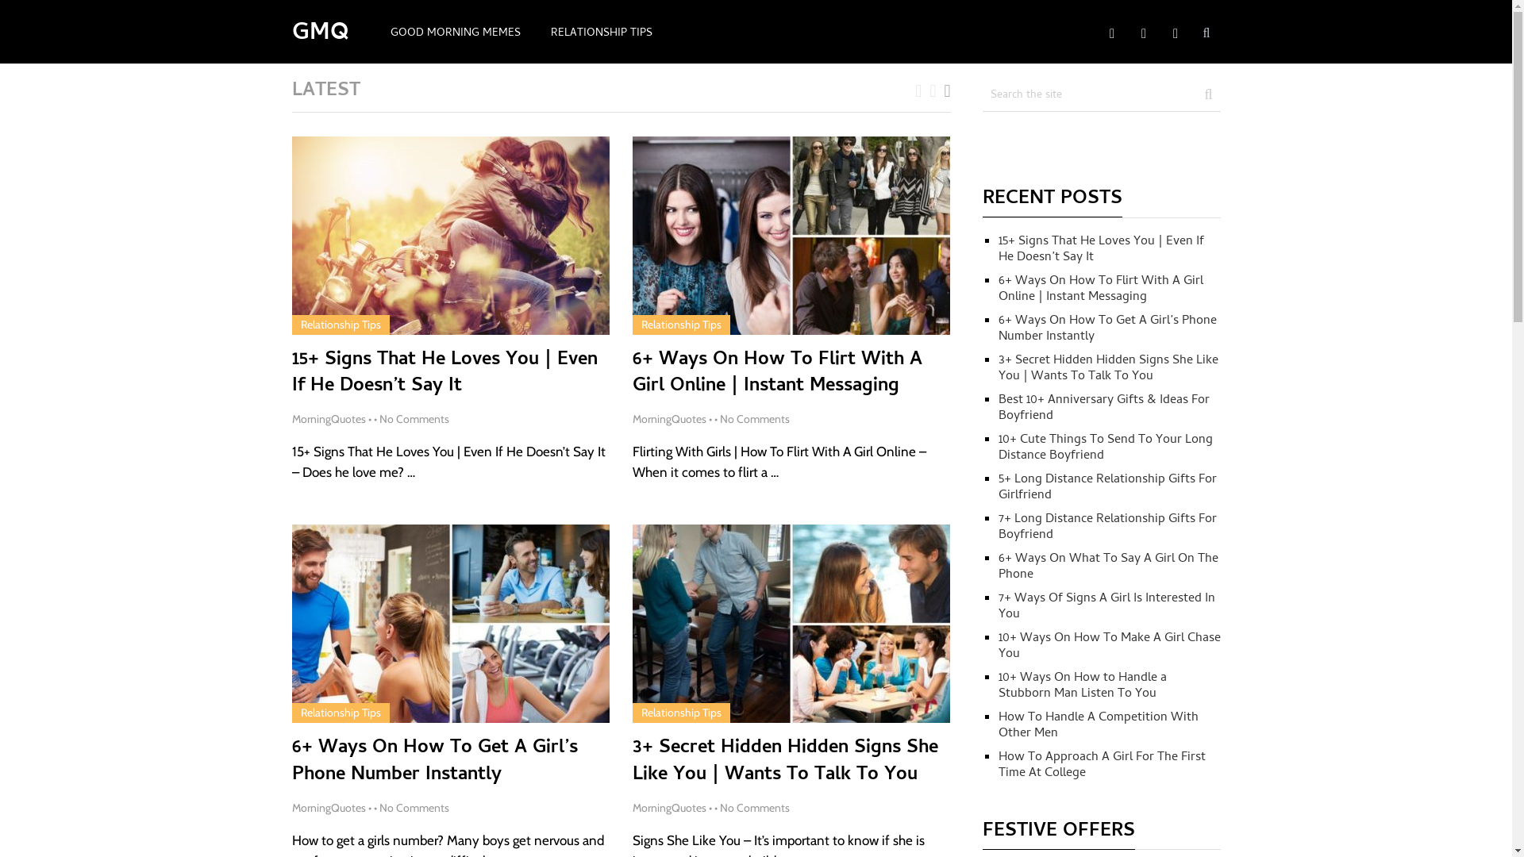  What do you see at coordinates (1106, 527) in the screenshot?
I see `'7+ Long Distance Relationship Gifts For Boyfriend'` at bounding box center [1106, 527].